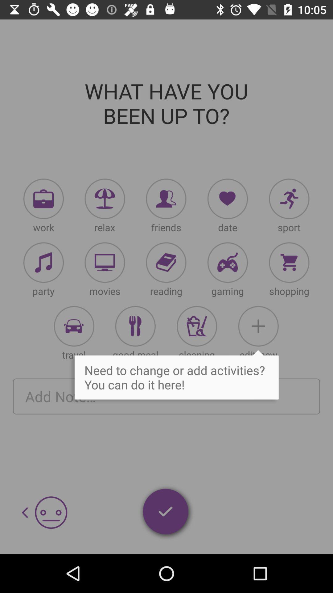 The image size is (333, 593). I want to click on gaming button, so click(228, 263).